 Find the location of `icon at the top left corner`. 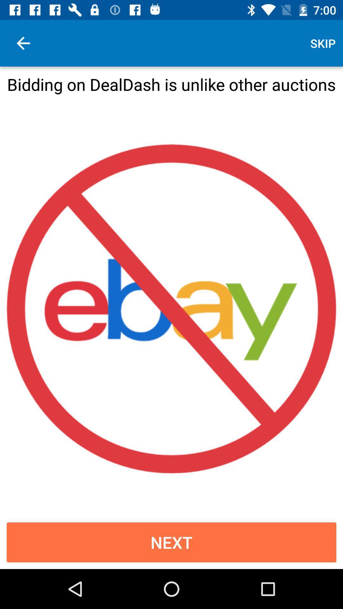

icon at the top left corner is located at coordinates (23, 43).